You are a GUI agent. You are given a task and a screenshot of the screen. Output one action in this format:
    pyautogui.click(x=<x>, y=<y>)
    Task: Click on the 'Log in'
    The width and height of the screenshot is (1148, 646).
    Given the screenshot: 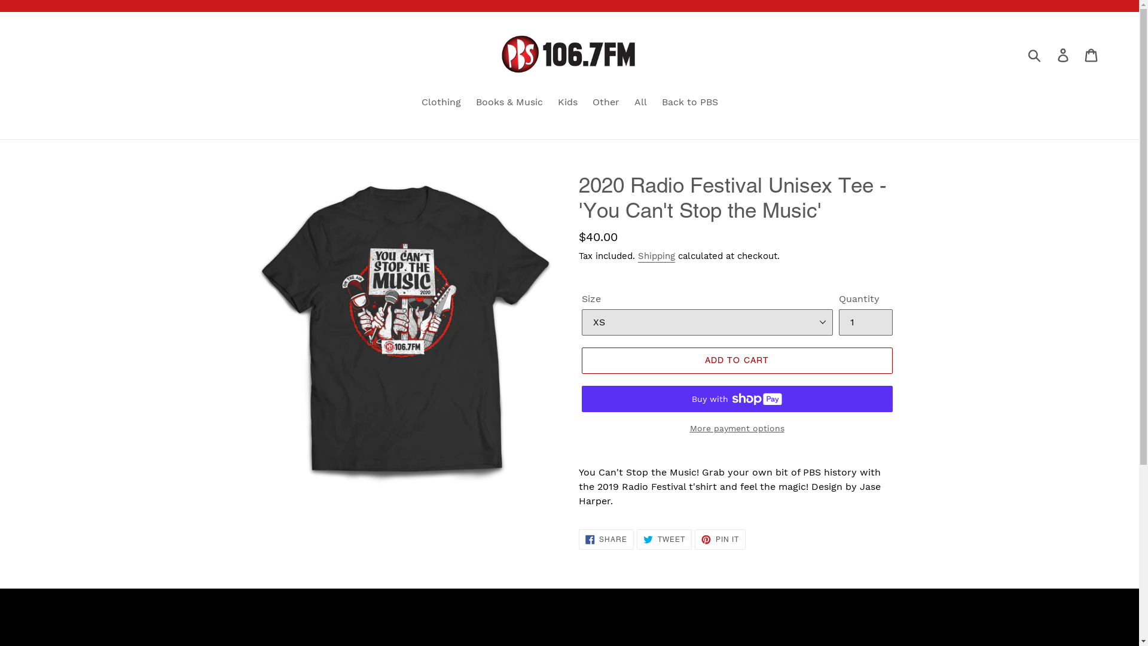 What is the action you would take?
    pyautogui.click(x=1049, y=55)
    